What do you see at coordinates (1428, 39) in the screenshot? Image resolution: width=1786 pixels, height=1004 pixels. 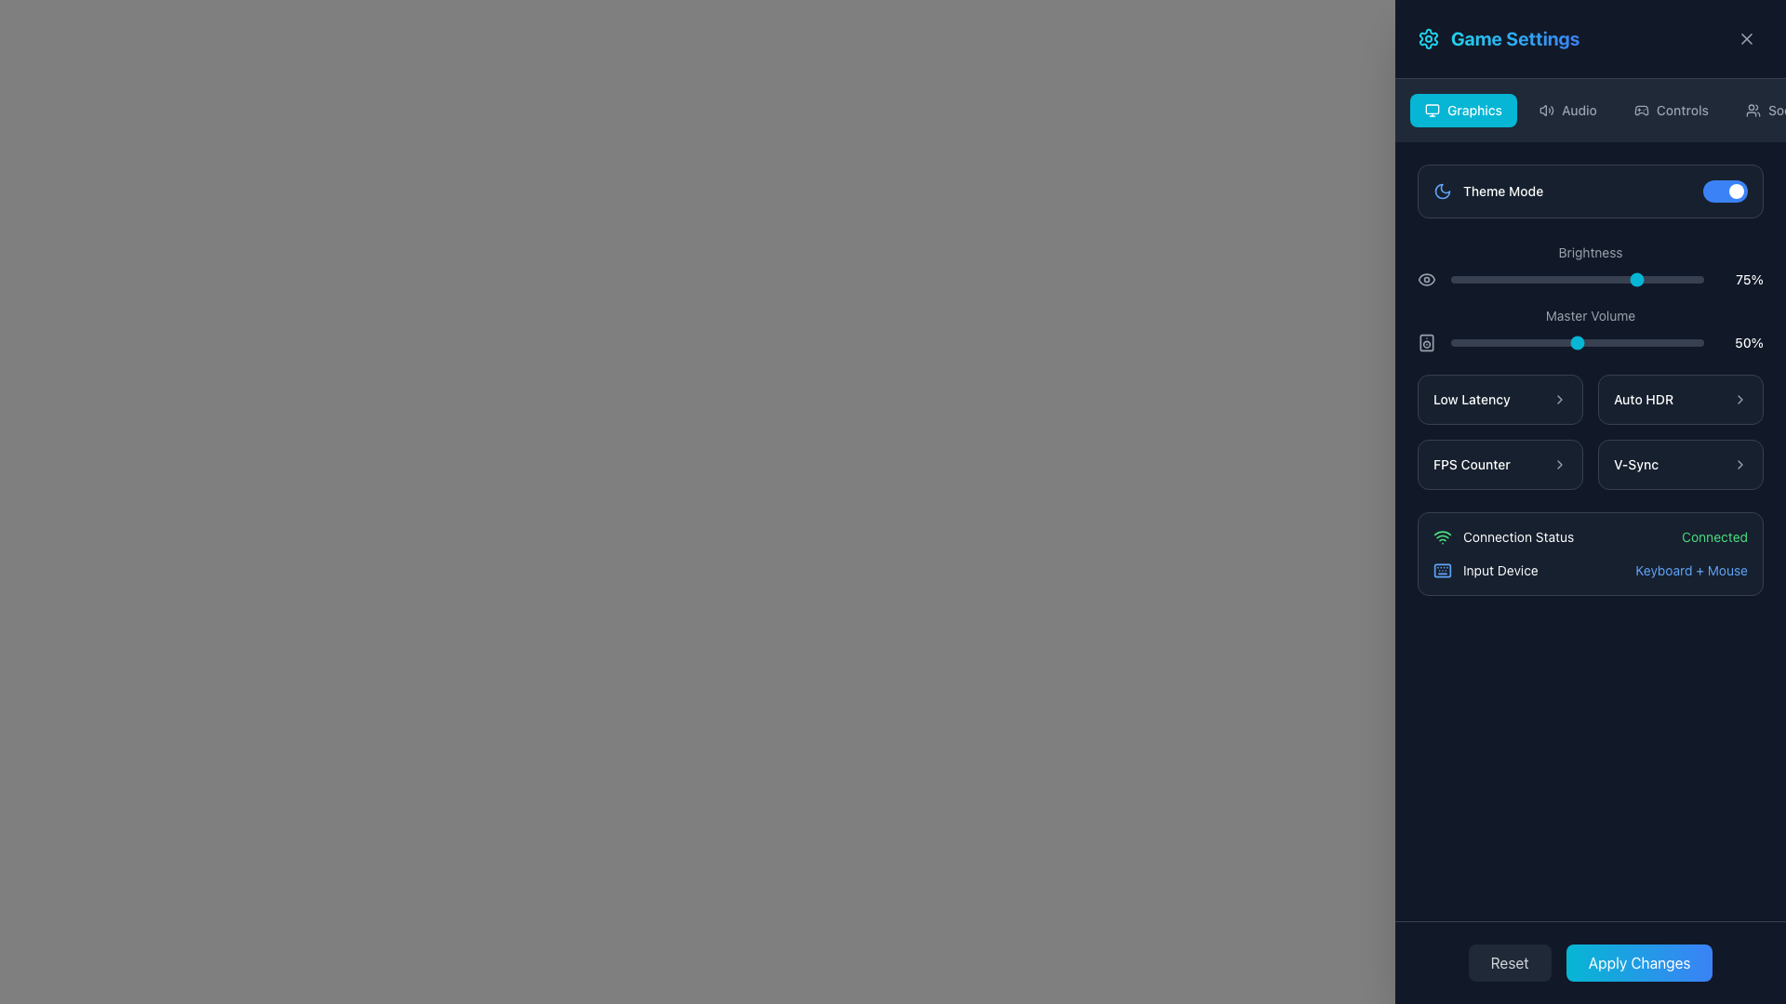 I see `the gear-shaped icon with a cyan outline located to the left of the 'Game Settings' title` at bounding box center [1428, 39].